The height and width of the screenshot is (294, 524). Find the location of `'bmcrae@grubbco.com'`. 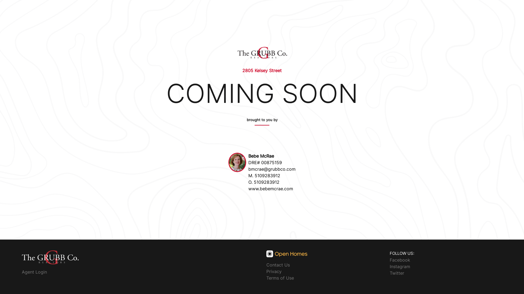

'bmcrae@grubbco.com' is located at coordinates (248, 169).